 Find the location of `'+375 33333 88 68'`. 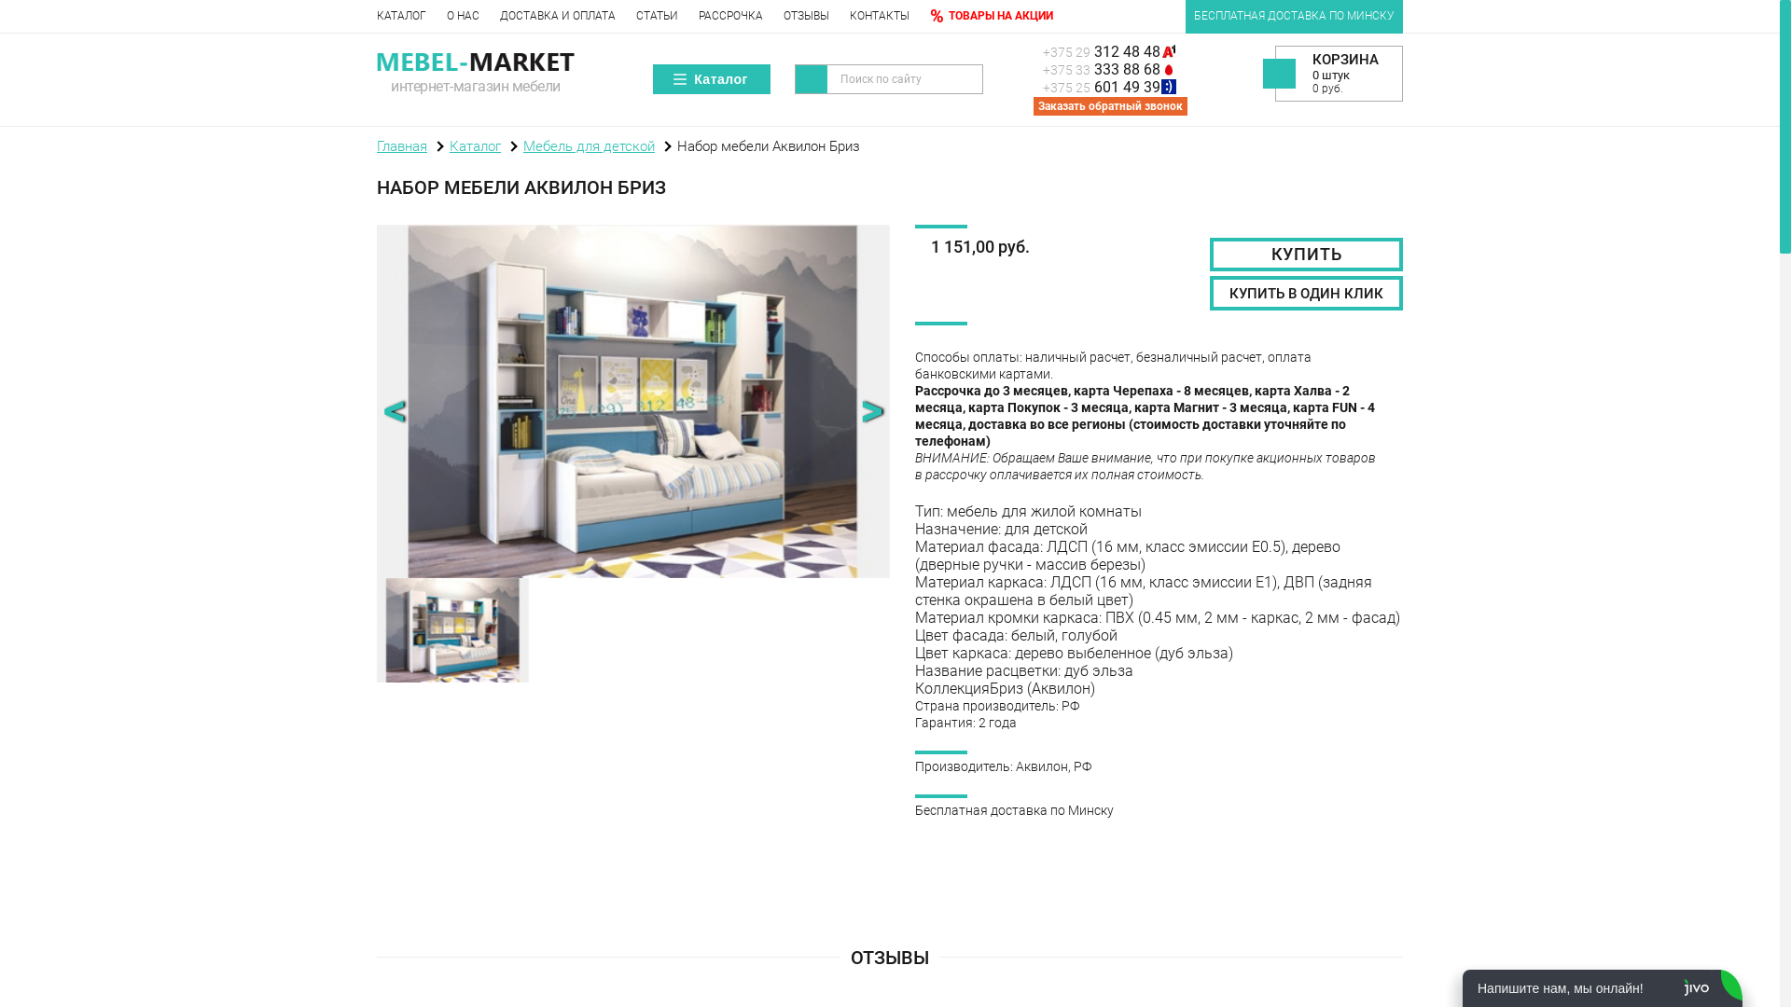

'+375 33333 88 68' is located at coordinates (1119, 68).